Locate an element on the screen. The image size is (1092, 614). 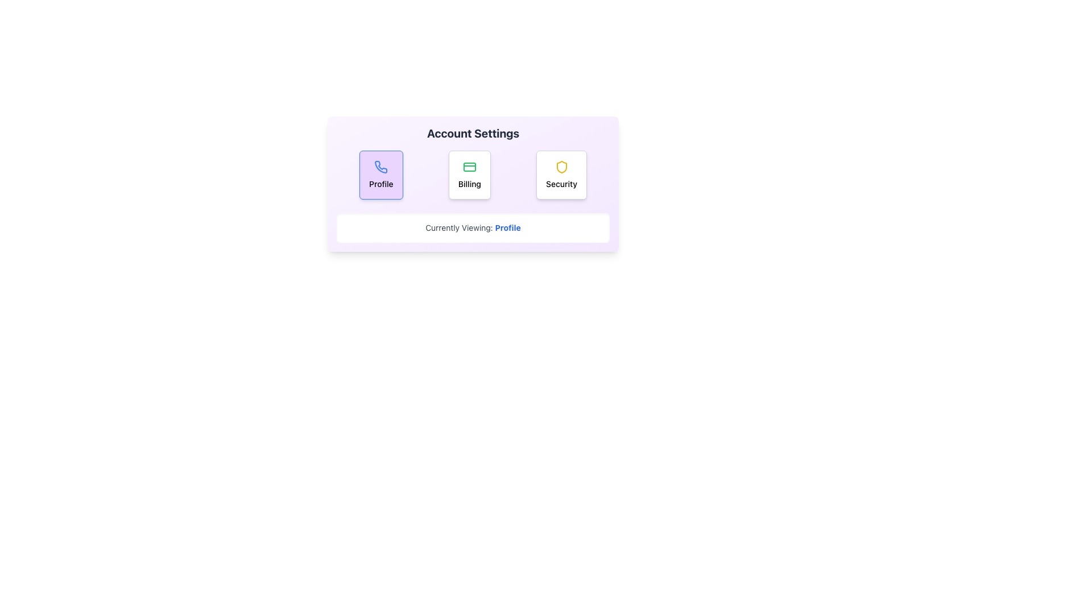
the security settings icon located centrally within the Account Settings menu, to the right of the Profile and Billing options under the Security label is located at coordinates (561, 167).